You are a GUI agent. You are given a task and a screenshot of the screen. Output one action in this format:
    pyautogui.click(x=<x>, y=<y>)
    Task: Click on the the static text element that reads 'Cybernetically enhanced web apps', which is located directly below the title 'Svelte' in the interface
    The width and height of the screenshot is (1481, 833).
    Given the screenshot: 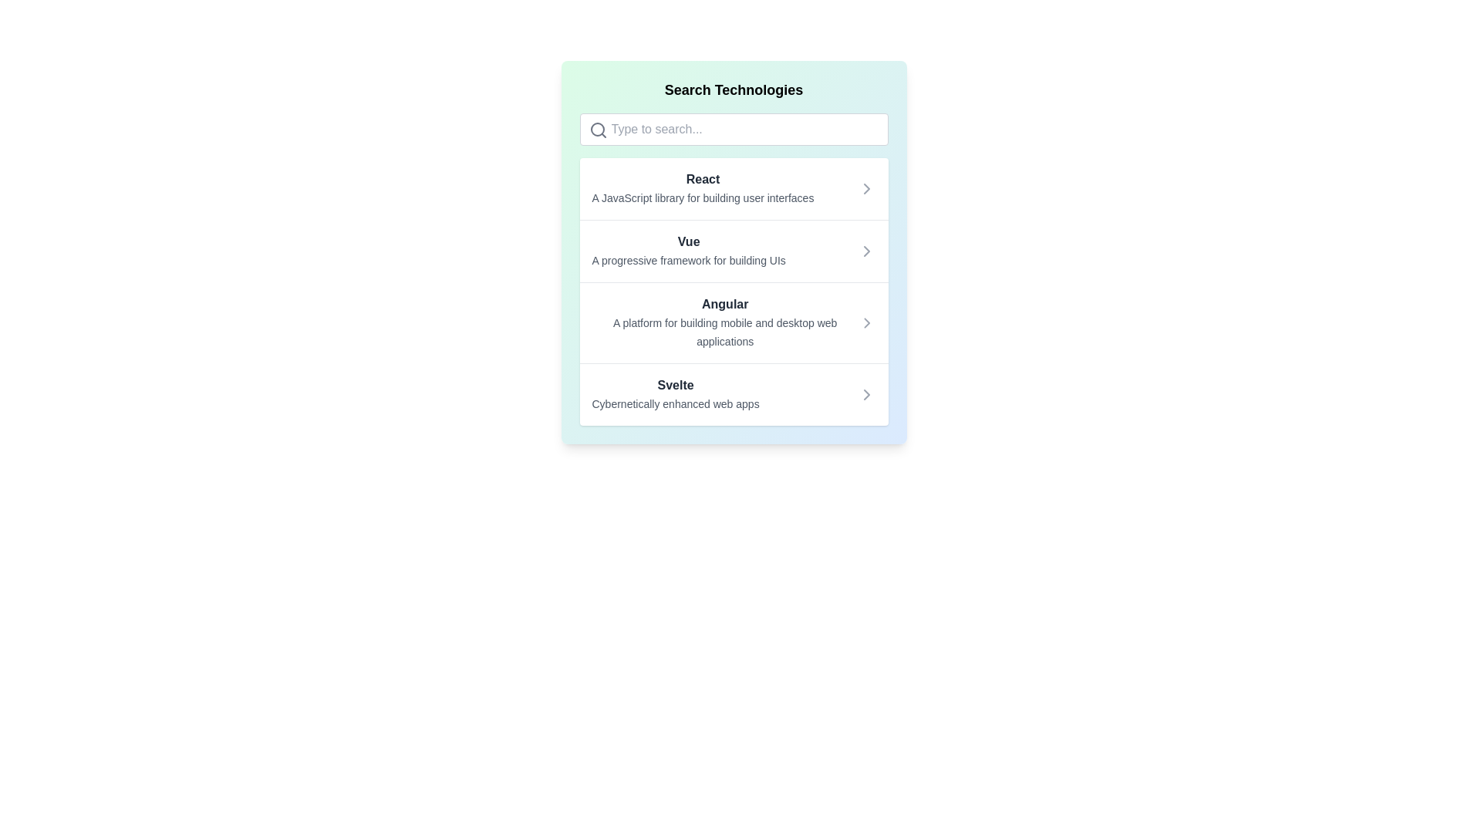 What is the action you would take?
    pyautogui.click(x=676, y=403)
    